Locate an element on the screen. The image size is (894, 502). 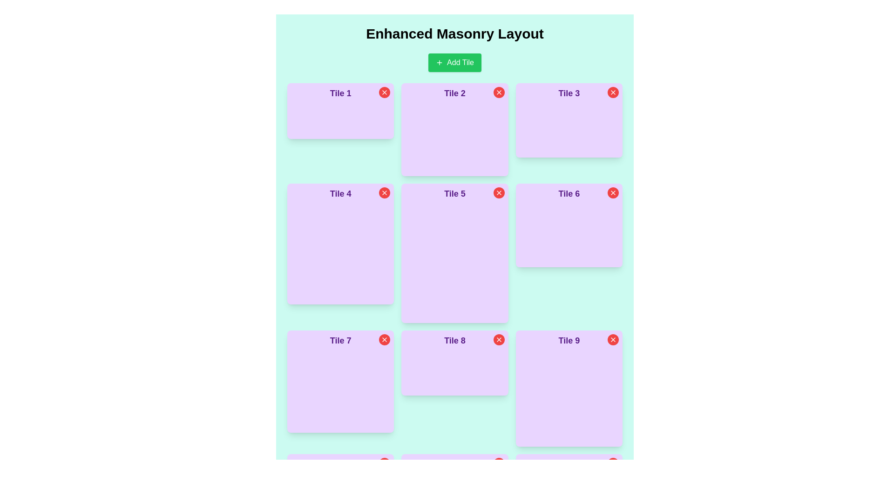
the red circular button with a white X symbol located at the top-right corner of the 'Tile 9' box is located at coordinates (613, 340).